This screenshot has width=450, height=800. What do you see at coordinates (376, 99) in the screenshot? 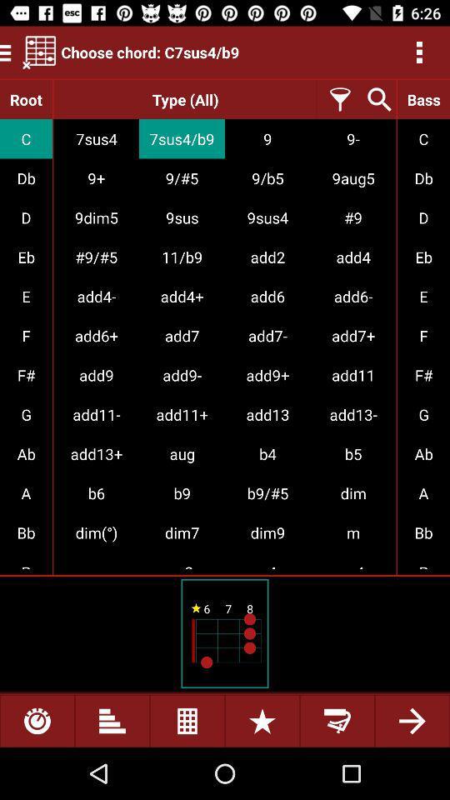
I see `search chords` at bounding box center [376, 99].